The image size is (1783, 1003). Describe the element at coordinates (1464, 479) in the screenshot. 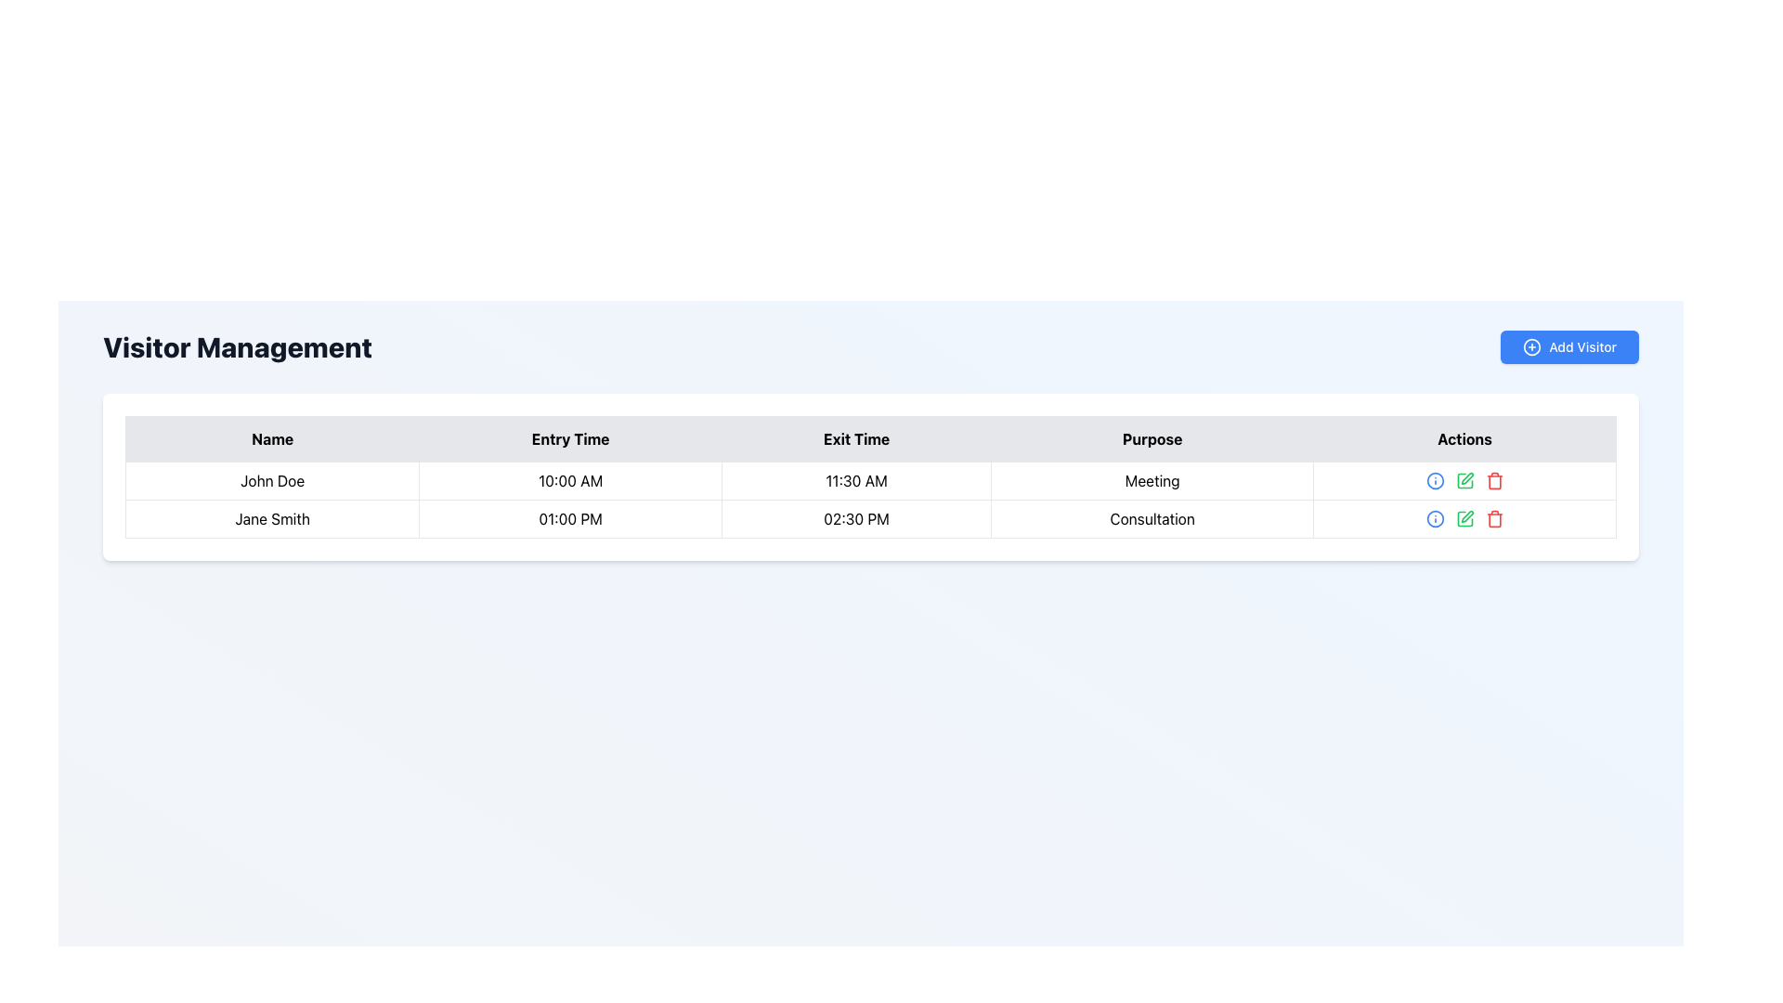

I see `the green pen icon in the 'Actions' column of the second row` at that location.